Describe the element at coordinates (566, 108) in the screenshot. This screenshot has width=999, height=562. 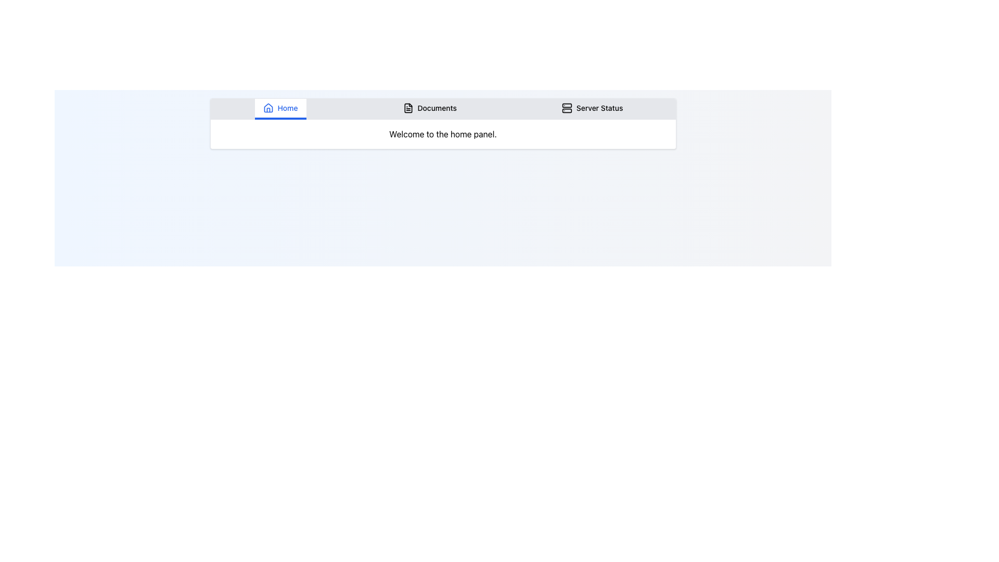
I see `the 'Server Status' icon` at that location.